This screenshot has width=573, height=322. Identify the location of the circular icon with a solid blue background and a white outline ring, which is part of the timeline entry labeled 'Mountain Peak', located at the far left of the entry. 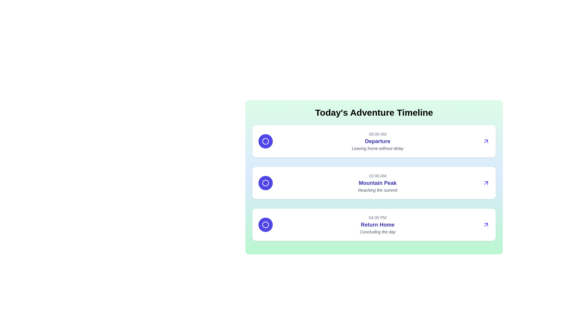
(265, 182).